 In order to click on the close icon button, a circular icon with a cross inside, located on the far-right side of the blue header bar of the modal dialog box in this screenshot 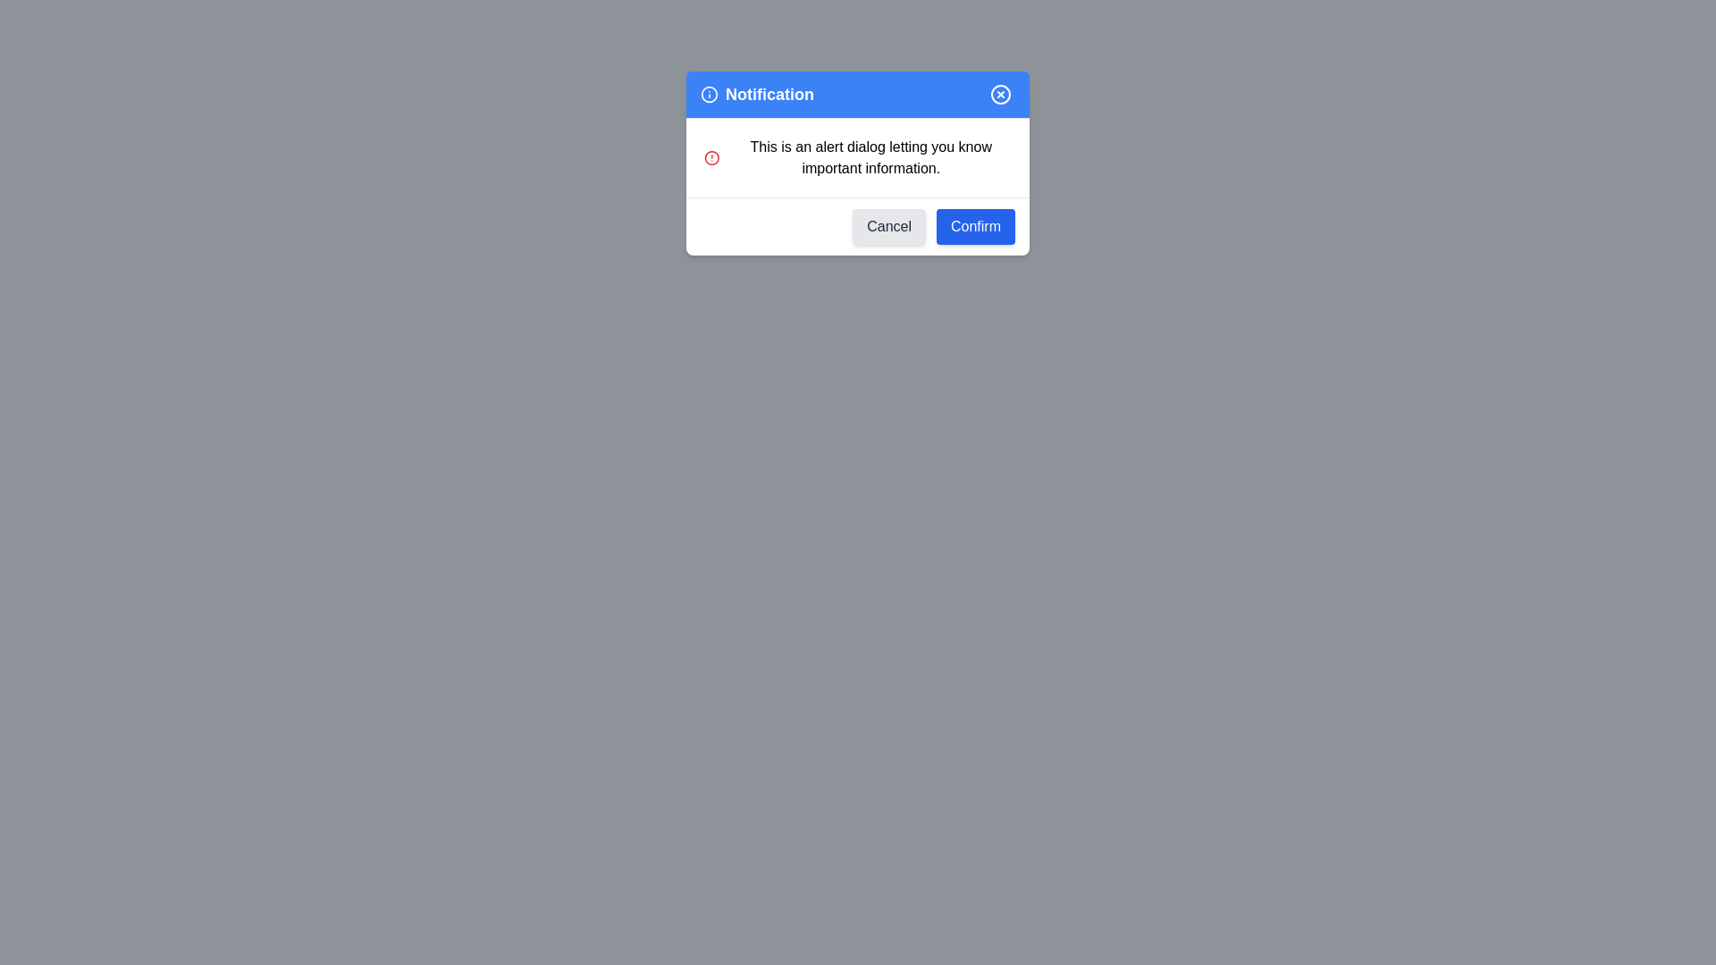, I will do `click(999, 94)`.